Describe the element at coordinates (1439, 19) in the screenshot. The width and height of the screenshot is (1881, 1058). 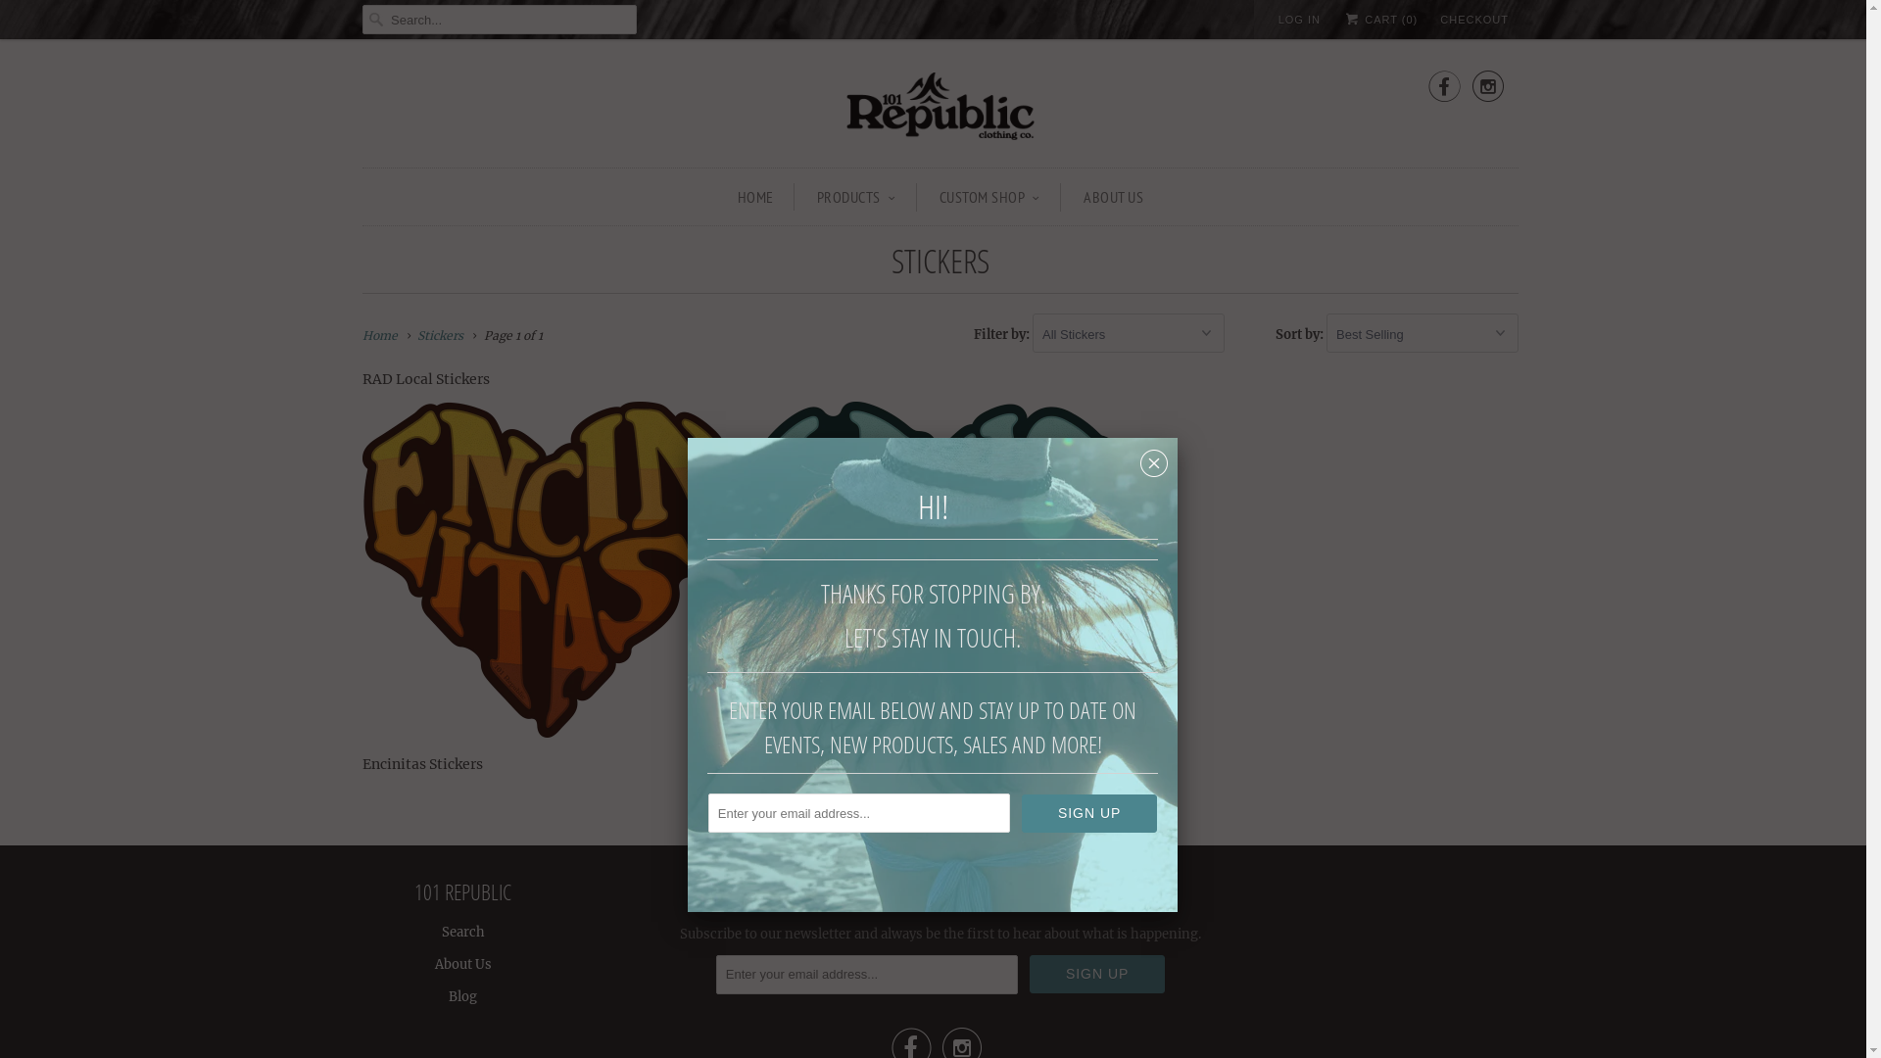
I see `'CHECKOUT'` at that location.